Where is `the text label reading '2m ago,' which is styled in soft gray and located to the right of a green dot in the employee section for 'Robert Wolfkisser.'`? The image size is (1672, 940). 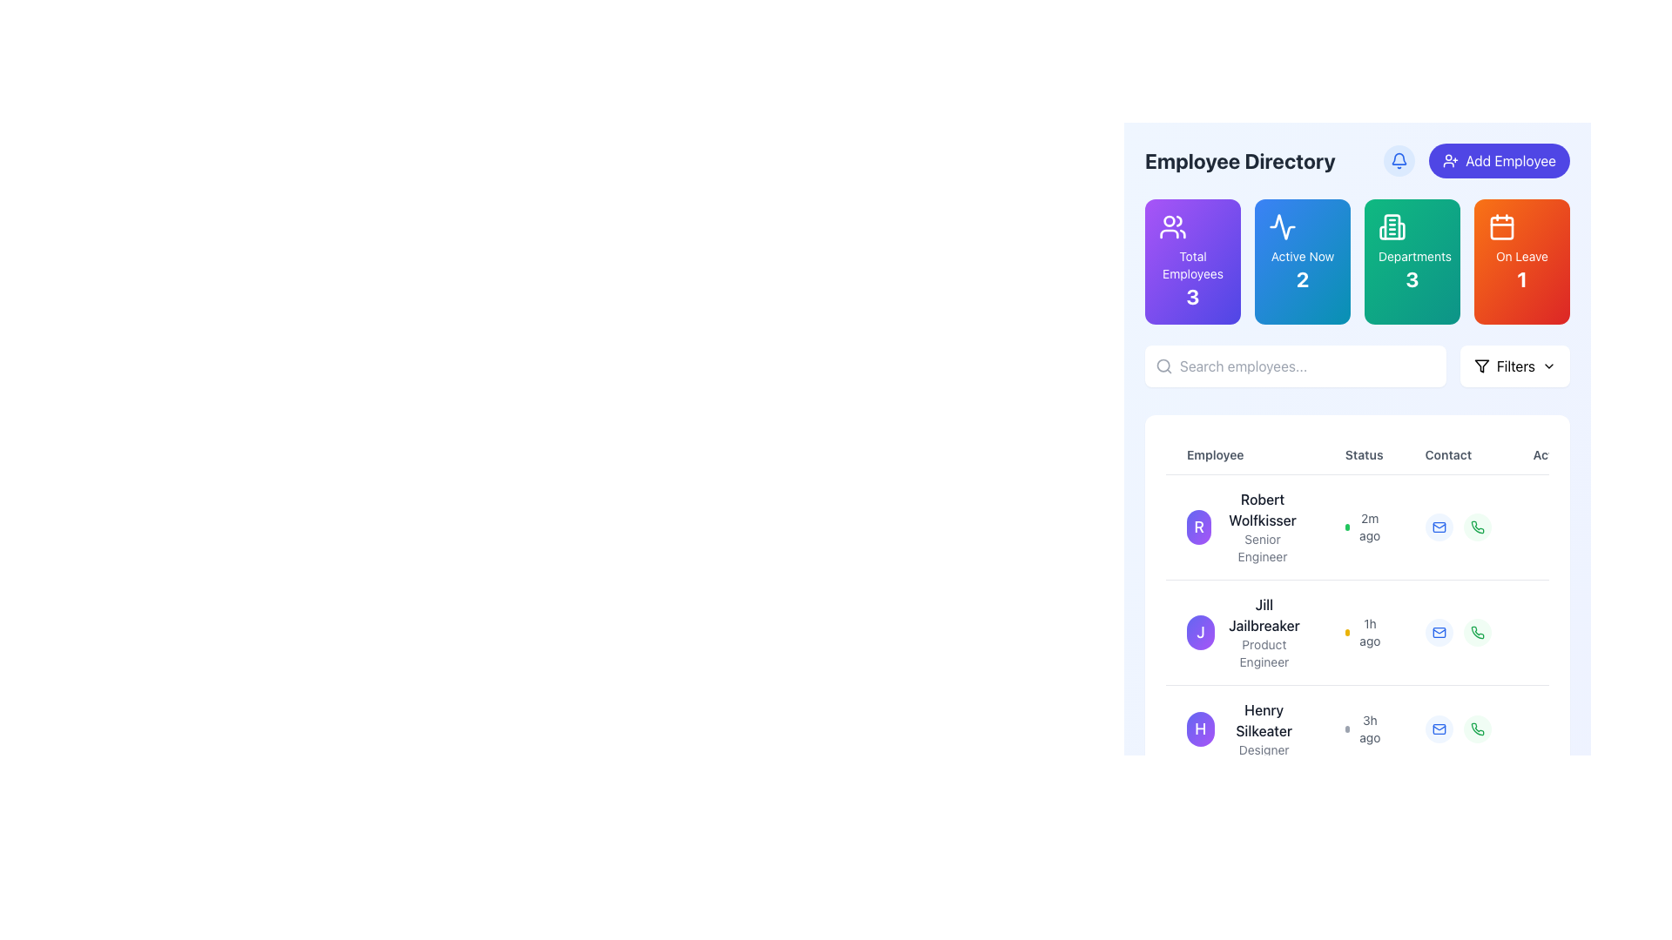
the text label reading '2m ago,' which is styled in soft gray and located to the right of a green dot in the employee section for 'Robert Wolfkisser.' is located at coordinates (1369, 526).